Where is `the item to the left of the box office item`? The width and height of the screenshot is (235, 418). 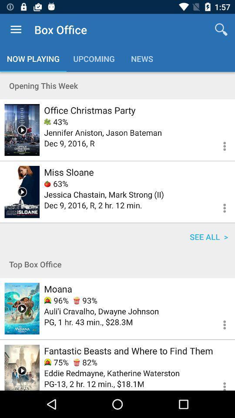
the item to the left of the box office item is located at coordinates (16, 30).